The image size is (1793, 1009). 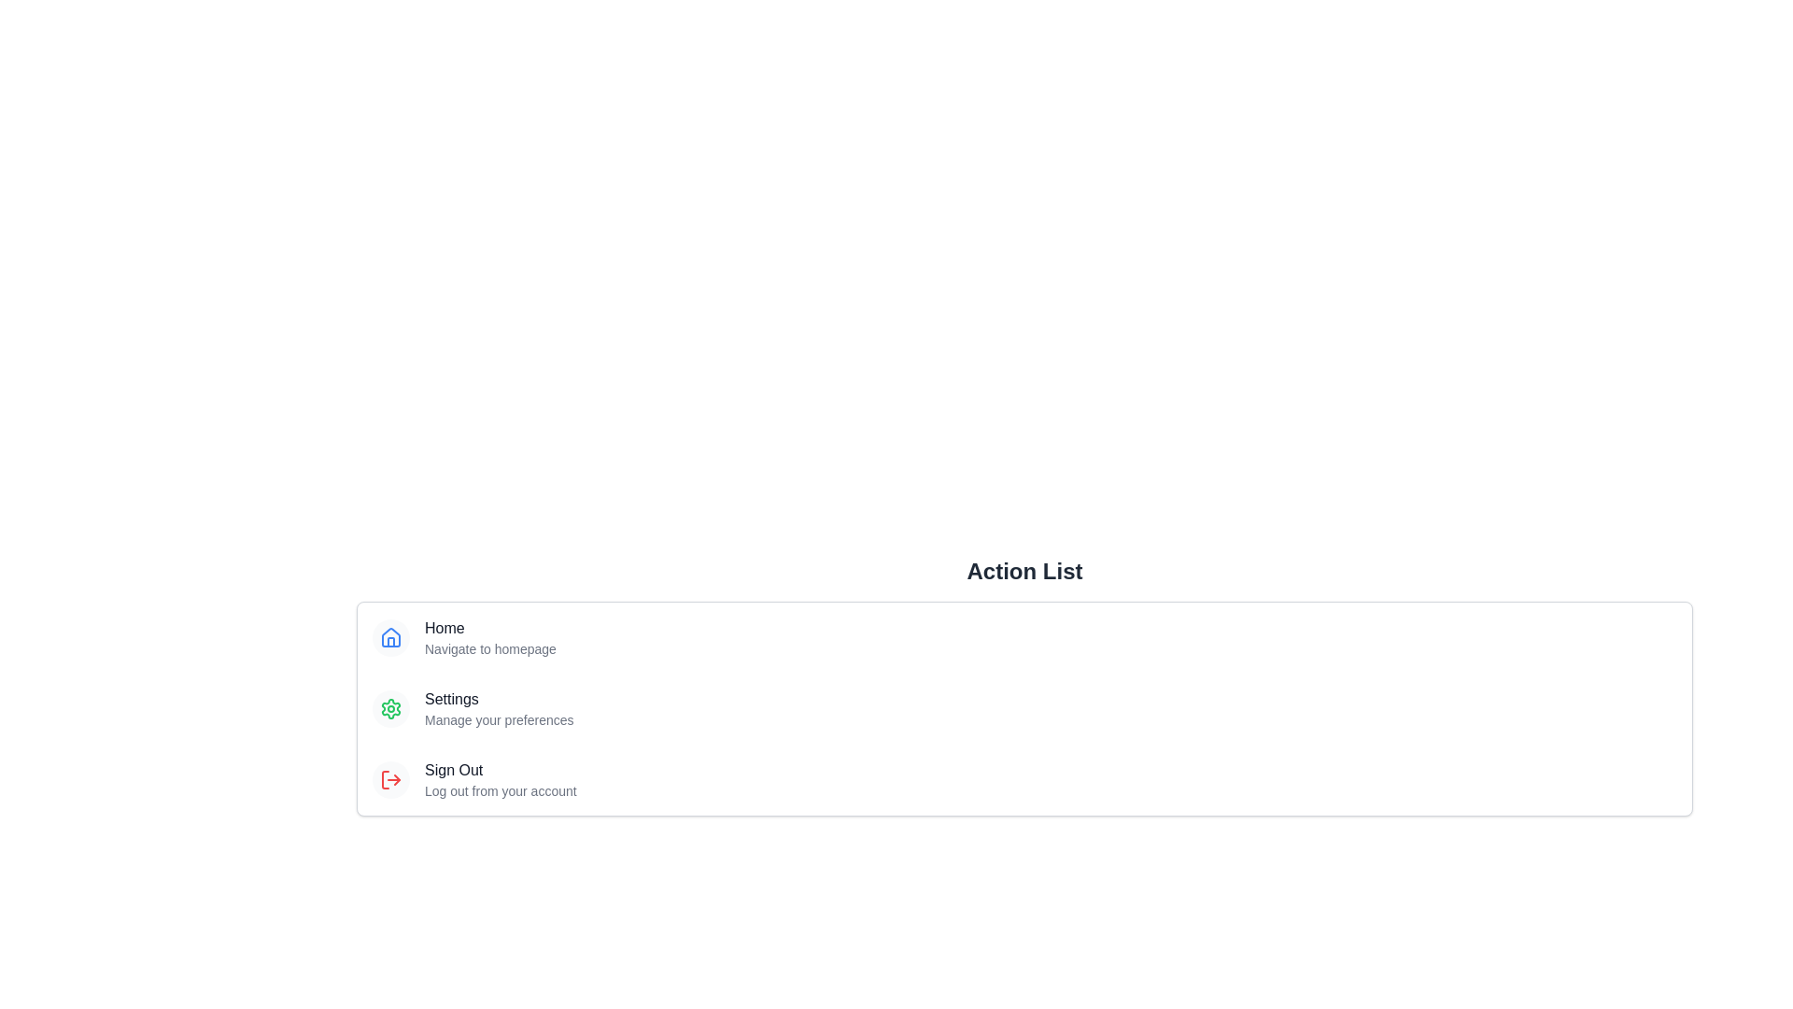 What do you see at coordinates (389, 636) in the screenshot?
I see `the 'Home' icon, which is the first icon in a vertical list styled with a light gray circular background` at bounding box center [389, 636].